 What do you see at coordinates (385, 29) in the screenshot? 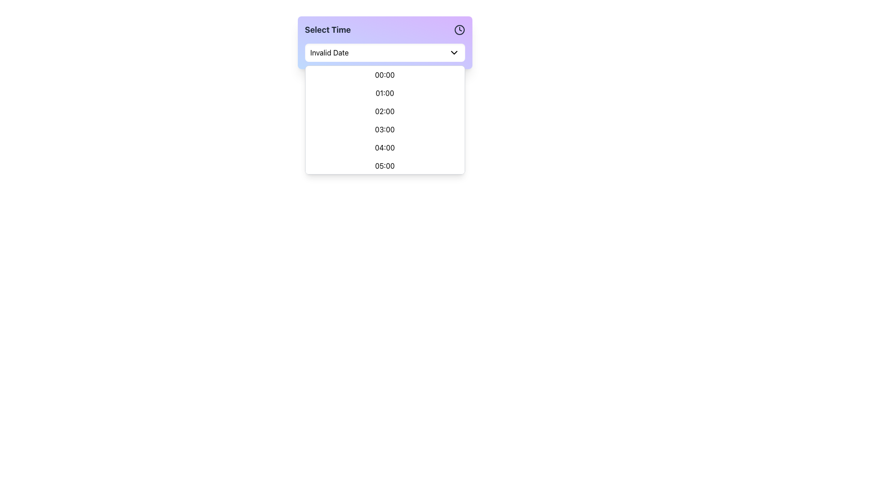
I see `the clock icon on the right side of the Header bar containing the text 'Select Time'` at bounding box center [385, 29].